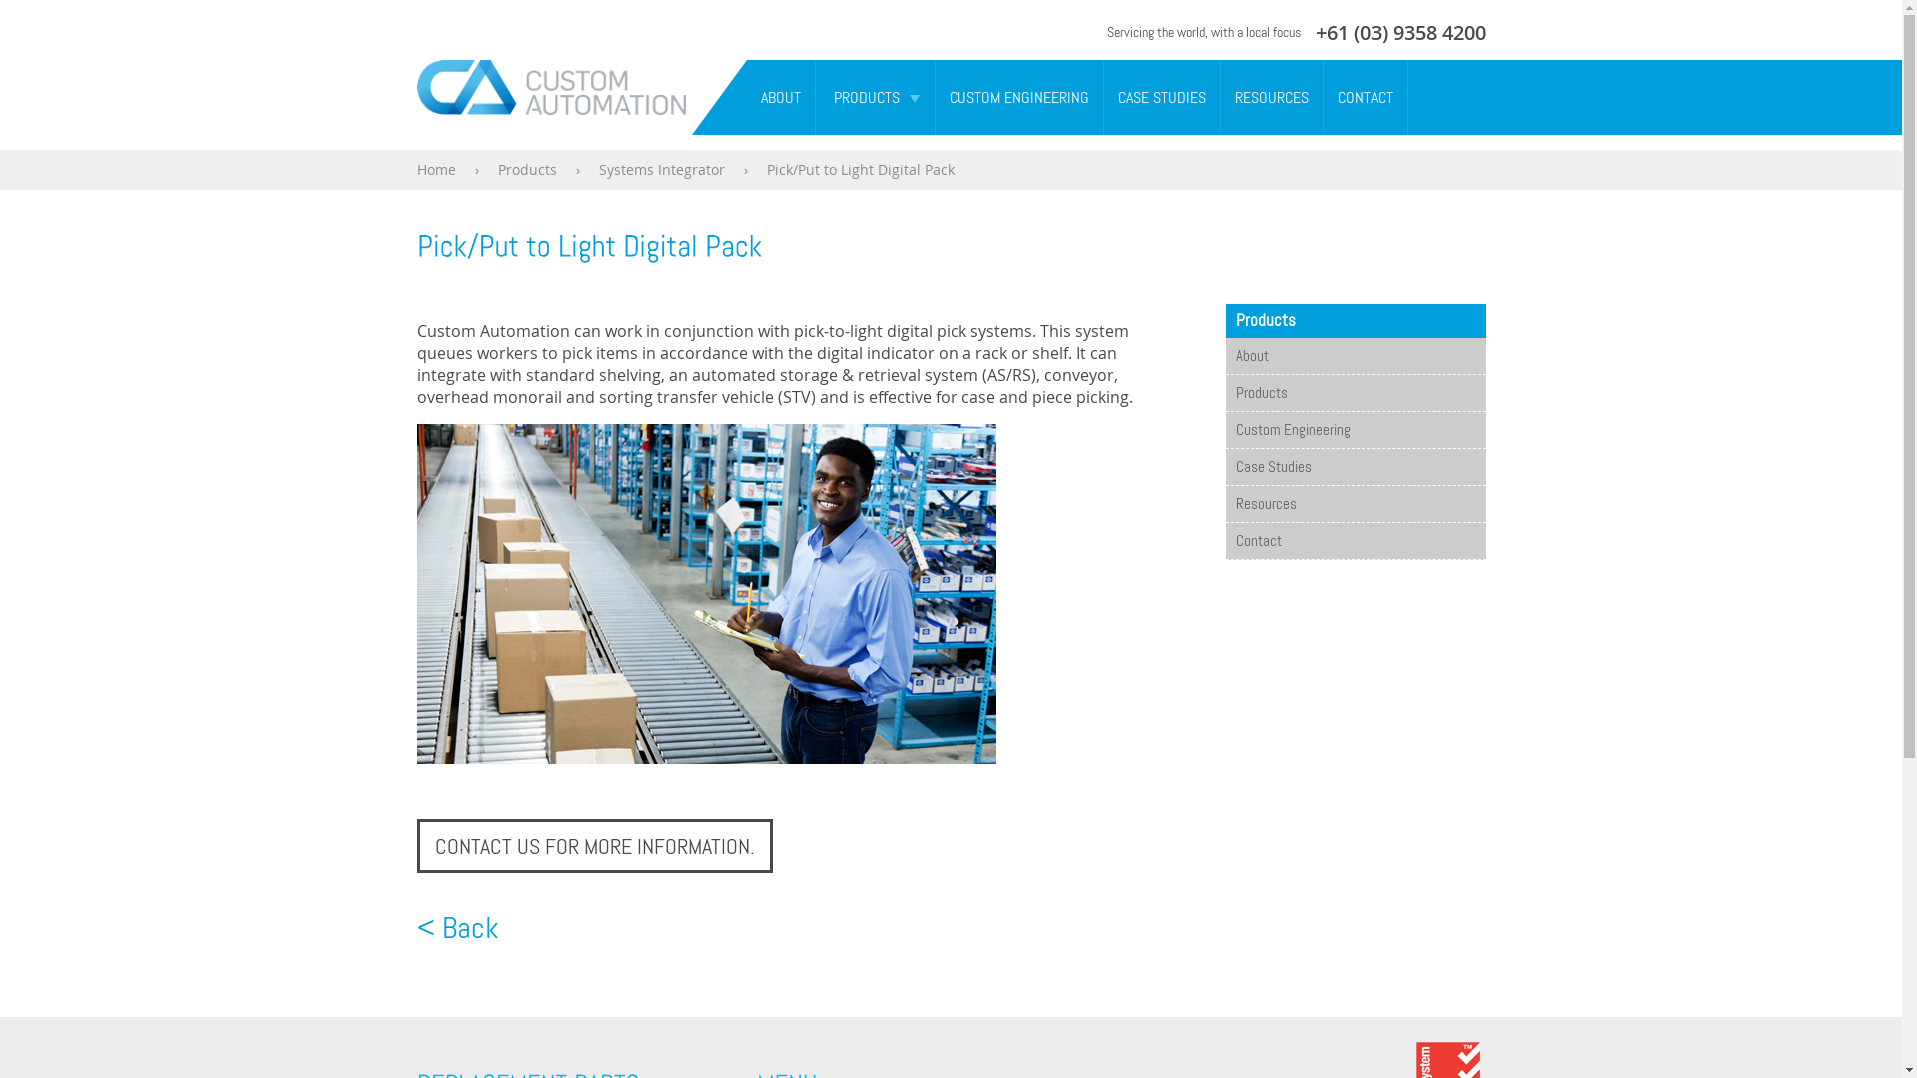  What do you see at coordinates (1323, 97) in the screenshot?
I see `'CONTACT'` at bounding box center [1323, 97].